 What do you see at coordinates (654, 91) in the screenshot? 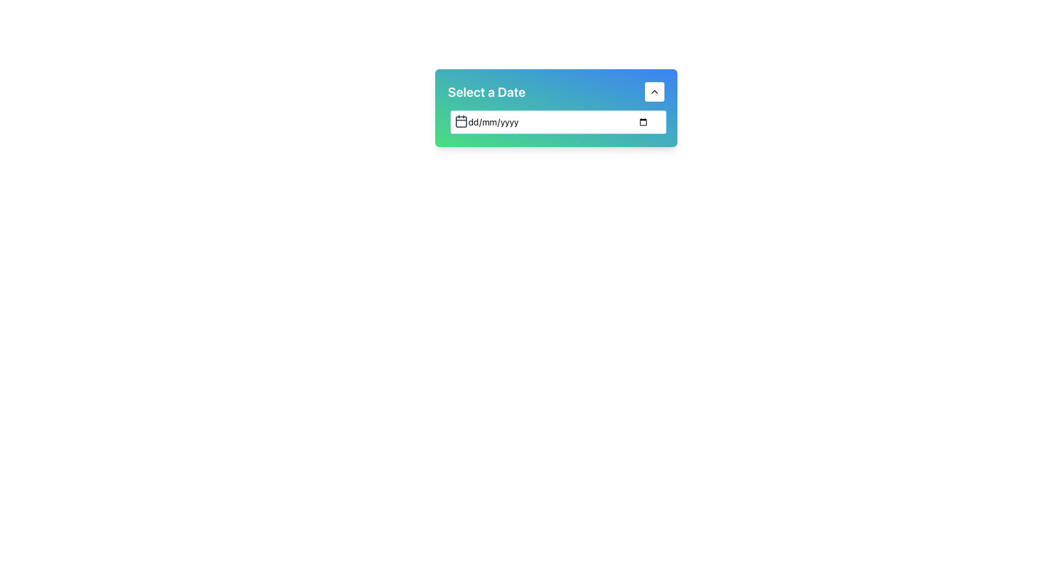
I see `the upward-pointing chevron icon button located in the top-right corner of the date-picker interface panel` at bounding box center [654, 91].